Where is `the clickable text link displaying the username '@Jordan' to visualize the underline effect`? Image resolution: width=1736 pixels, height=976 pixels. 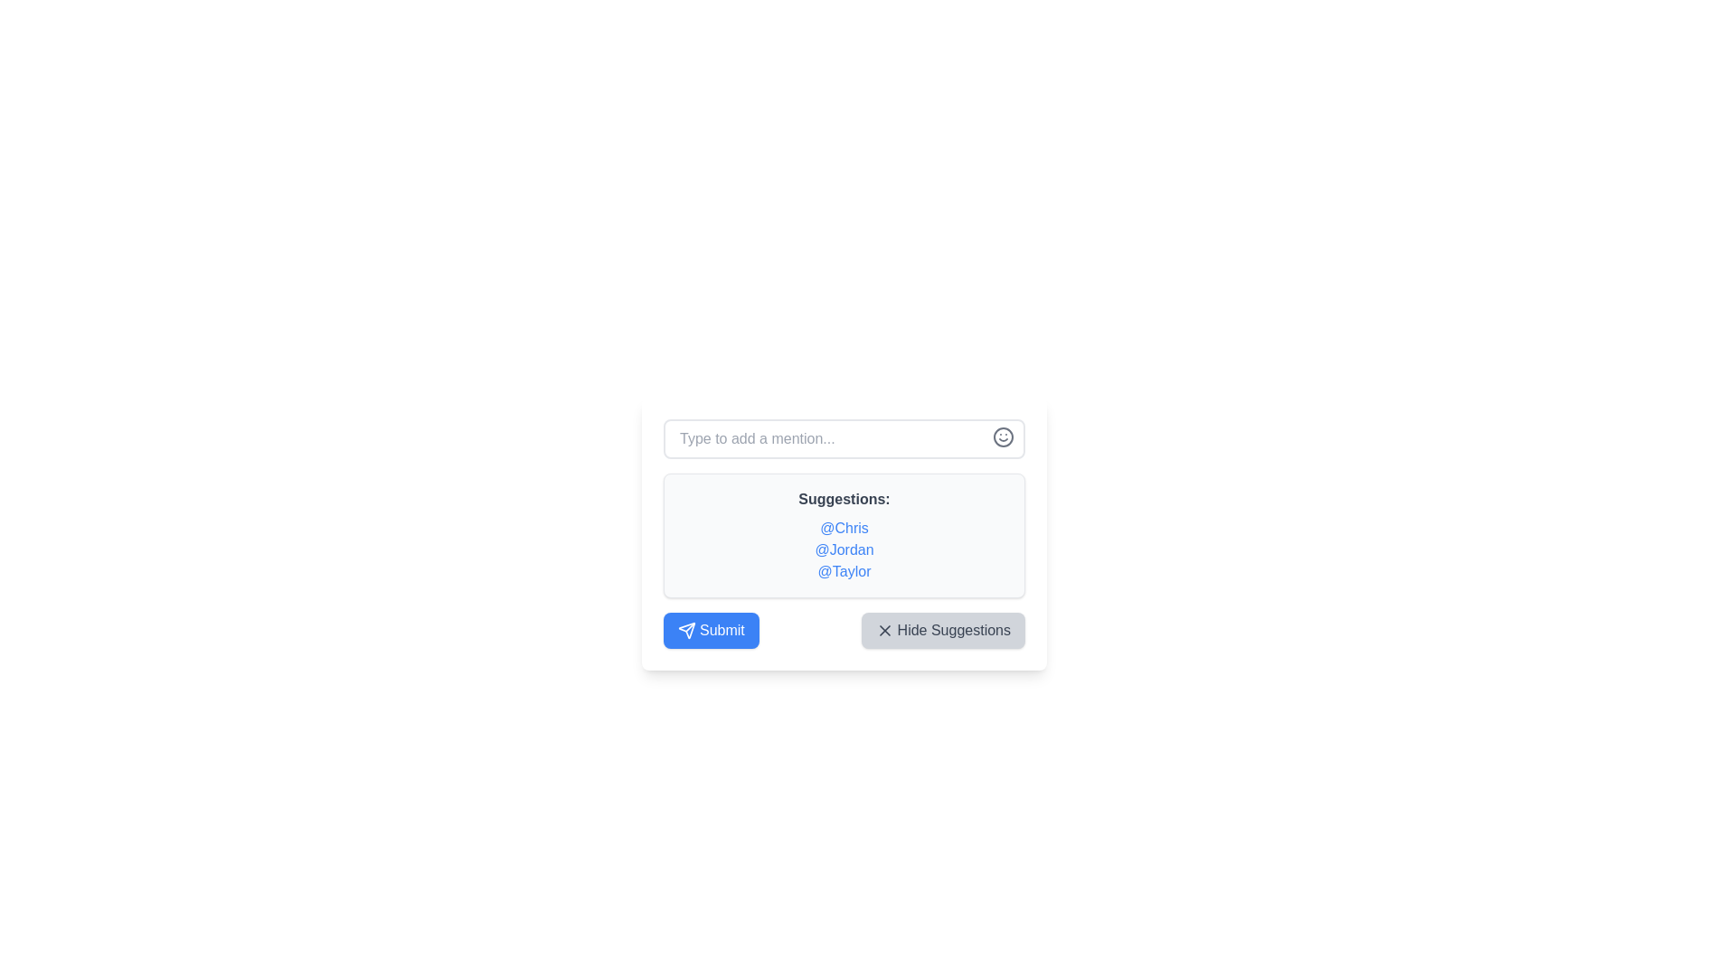
the clickable text link displaying the username '@Jordan' to visualize the underline effect is located at coordinates (844, 549).